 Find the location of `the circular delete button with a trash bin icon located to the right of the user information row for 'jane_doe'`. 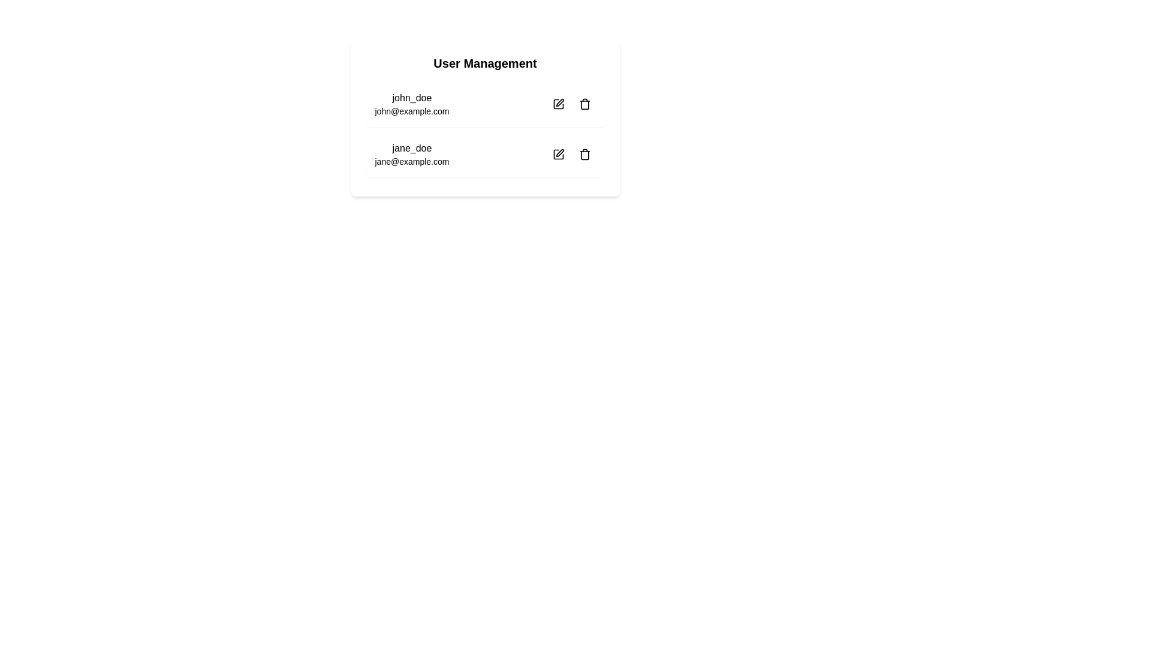

the circular delete button with a trash bin icon located to the right of the user information row for 'jane_doe' is located at coordinates (584, 154).